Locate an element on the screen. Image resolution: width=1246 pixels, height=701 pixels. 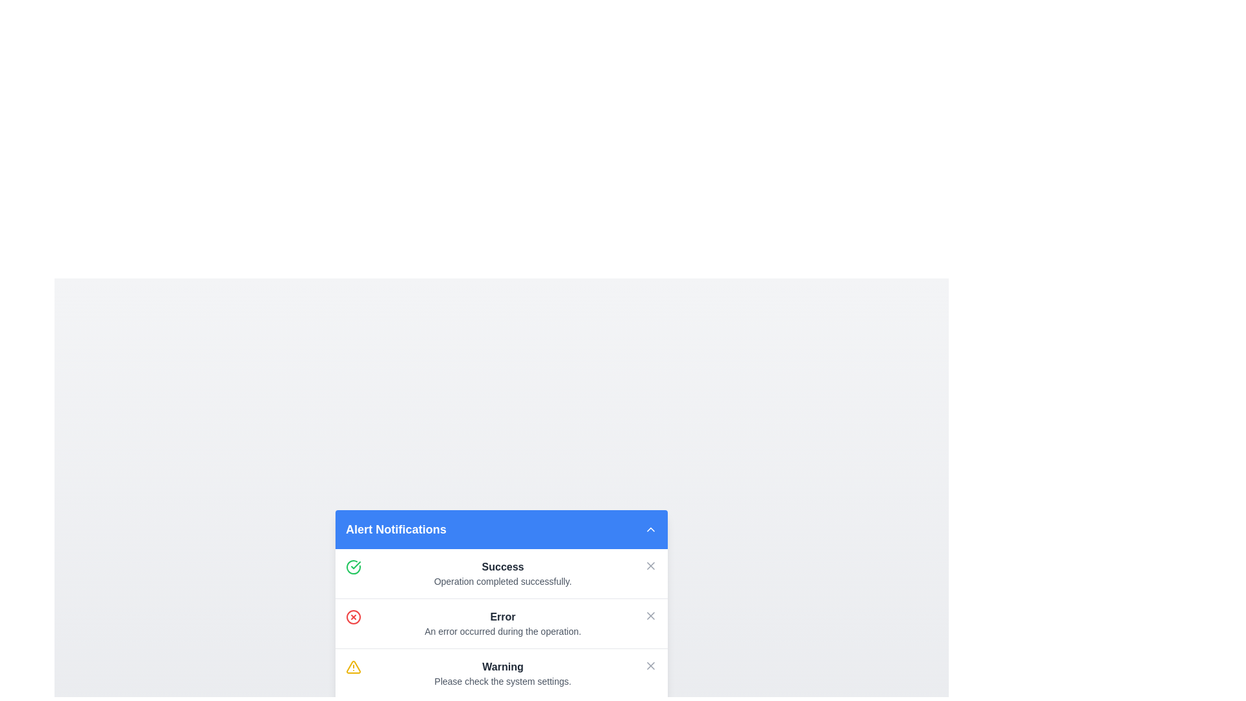
the notification message titled 'Error' to read the message details about the operation failure is located at coordinates (500, 622).